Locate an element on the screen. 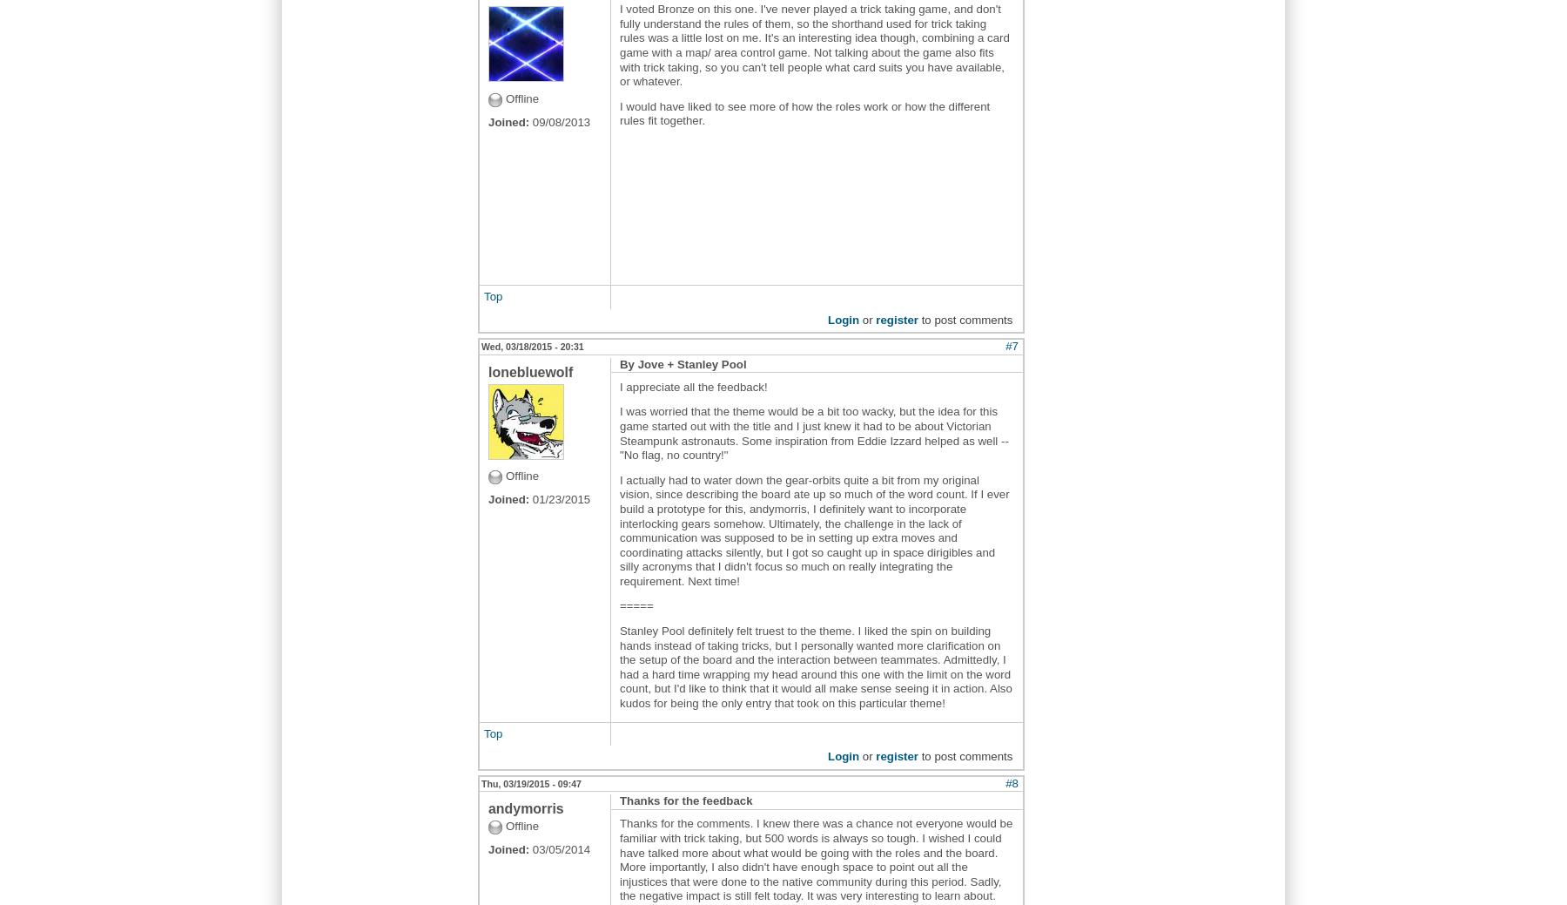 The width and height of the screenshot is (1567, 905). 'I was worried that the theme would be a bit too wacky, but the idea for this game started out with the title and I just knew it had to be about Victorian Steampunk astronauts. Some inspiration from Eddie Izzard helped as well -- "No flag, no country!"' is located at coordinates (812, 432).